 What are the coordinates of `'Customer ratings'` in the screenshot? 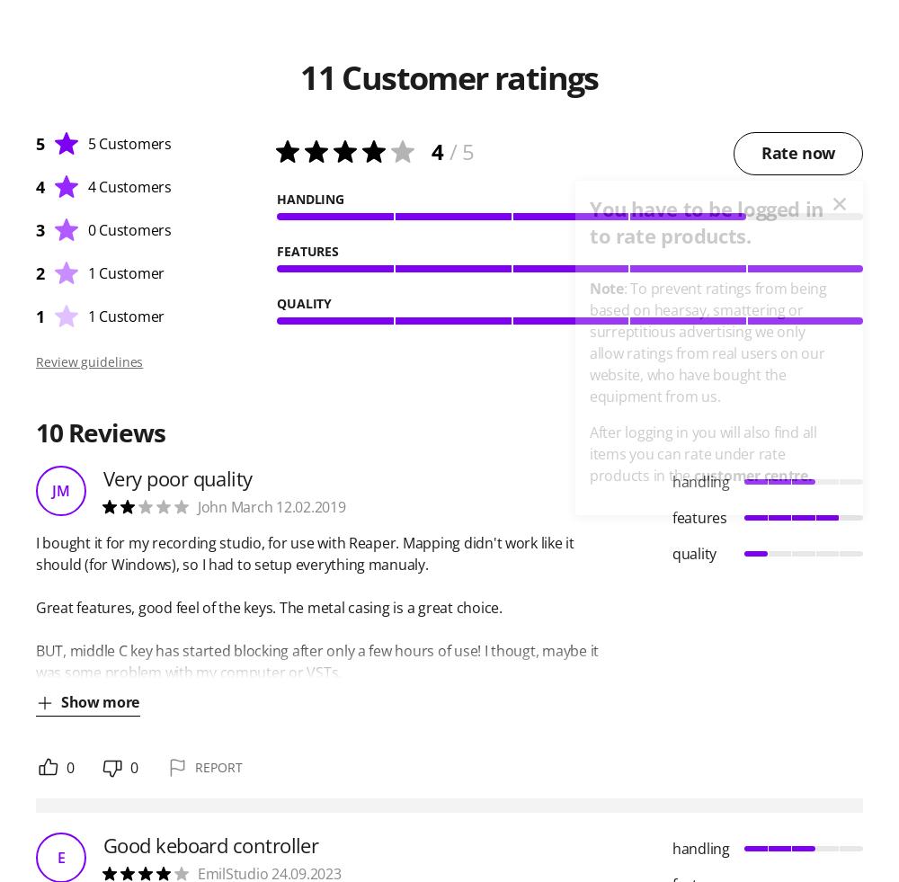 It's located at (334, 76).